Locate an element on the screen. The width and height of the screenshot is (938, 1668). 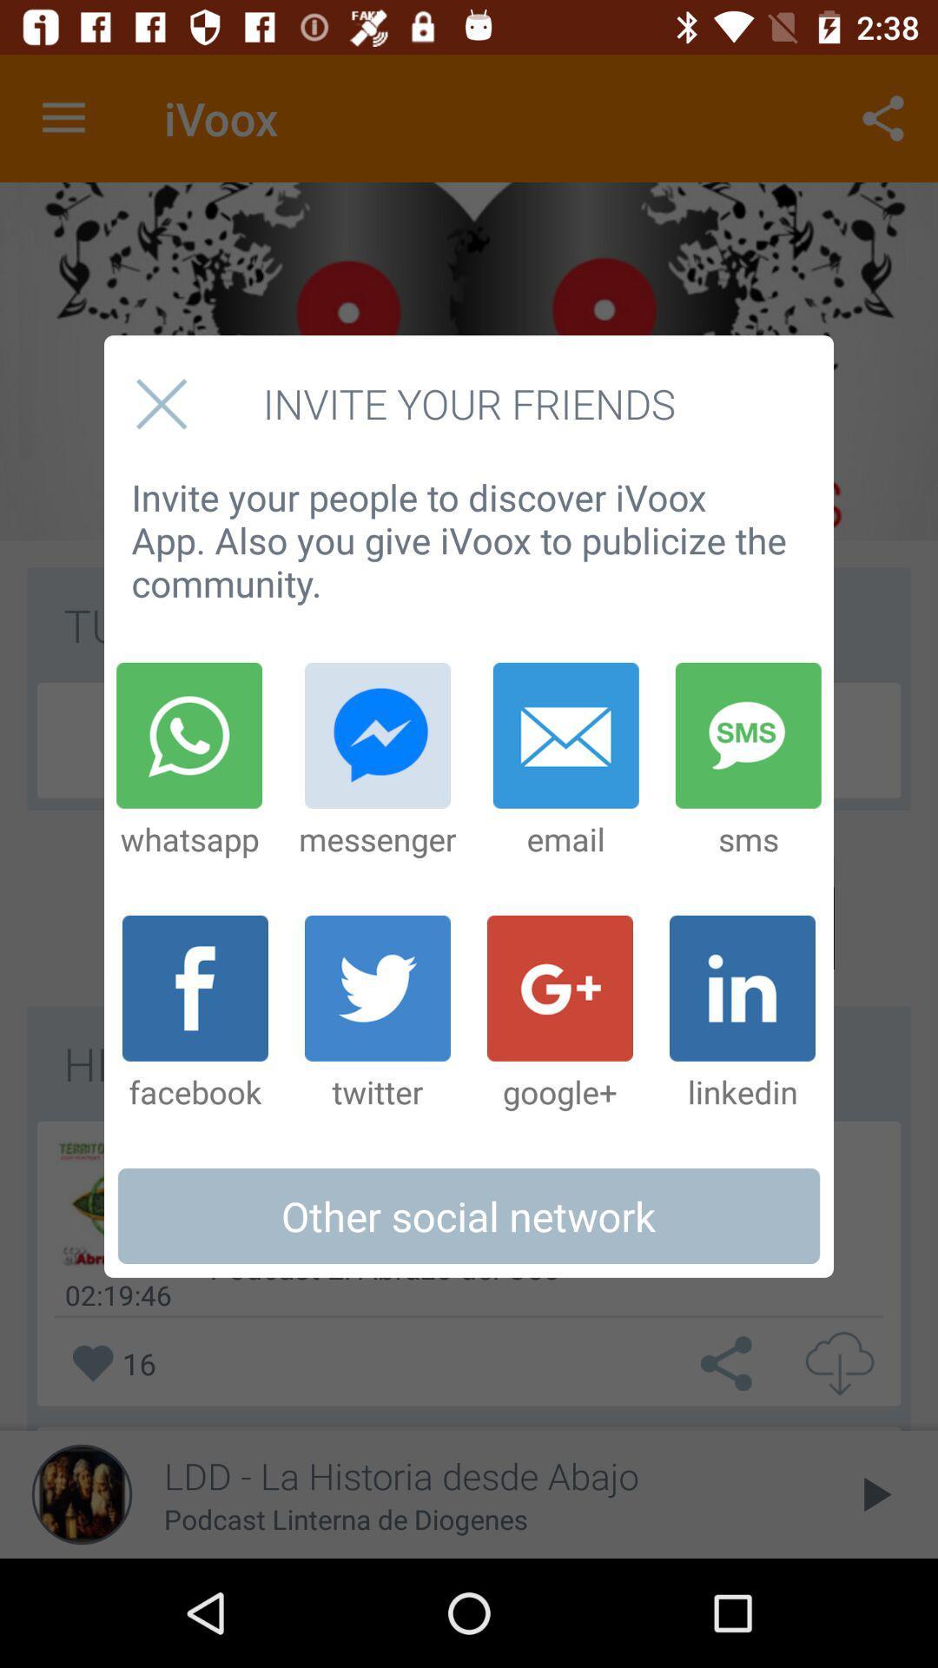
item to the left of the twitter is located at coordinates (195, 1014).